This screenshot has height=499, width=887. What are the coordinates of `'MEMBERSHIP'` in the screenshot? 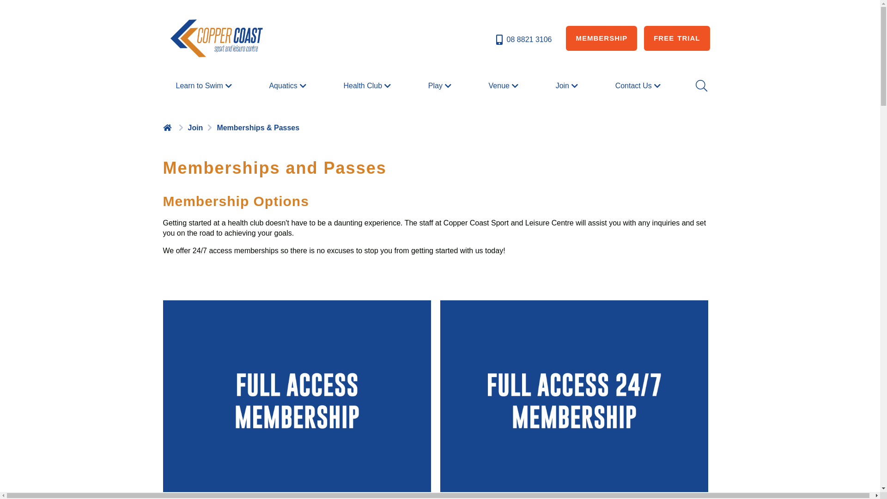 It's located at (565, 38).